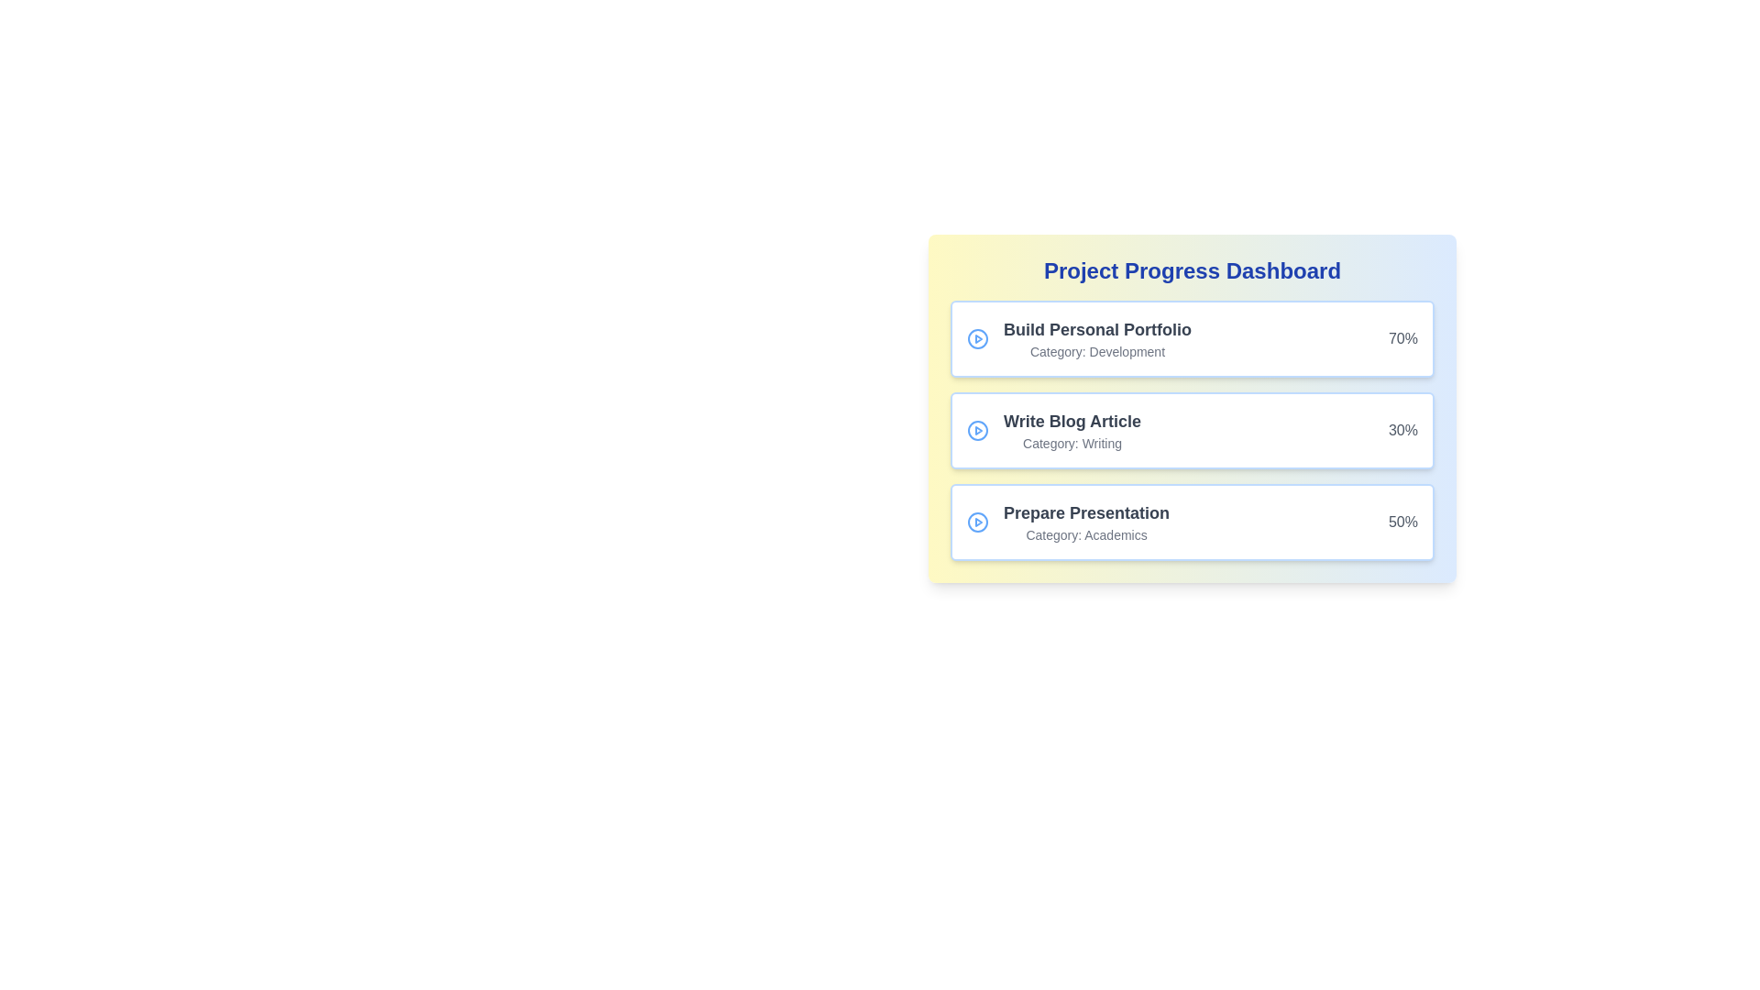 The width and height of the screenshot is (1760, 990). I want to click on the static text element displaying 'Build Personal Portfolio', which is styled in bold and large gray font, located at the top of a card on the dashboard, so click(1097, 328).